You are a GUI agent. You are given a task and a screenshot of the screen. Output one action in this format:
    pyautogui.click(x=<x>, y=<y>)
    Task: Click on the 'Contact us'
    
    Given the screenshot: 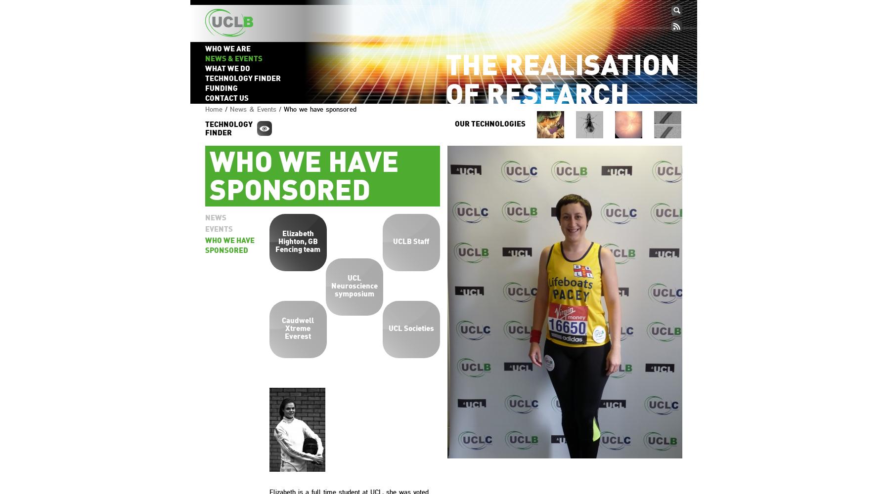 What is the action you would take?
    pyautogui.click(x=226, y=98)
    